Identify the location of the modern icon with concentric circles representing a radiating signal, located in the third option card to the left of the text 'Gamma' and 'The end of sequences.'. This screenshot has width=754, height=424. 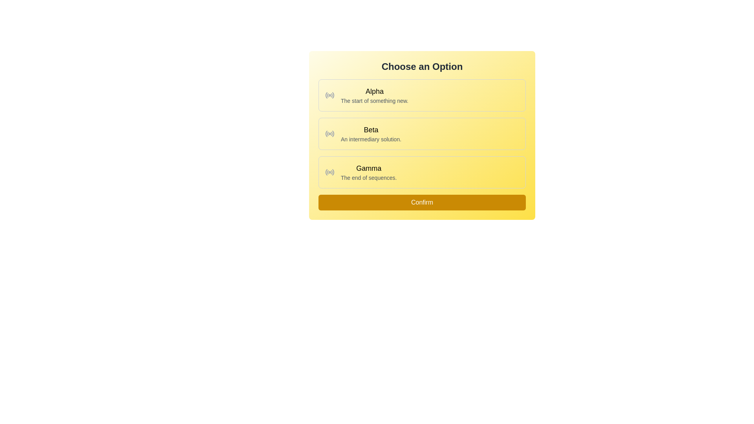
(330, 172).